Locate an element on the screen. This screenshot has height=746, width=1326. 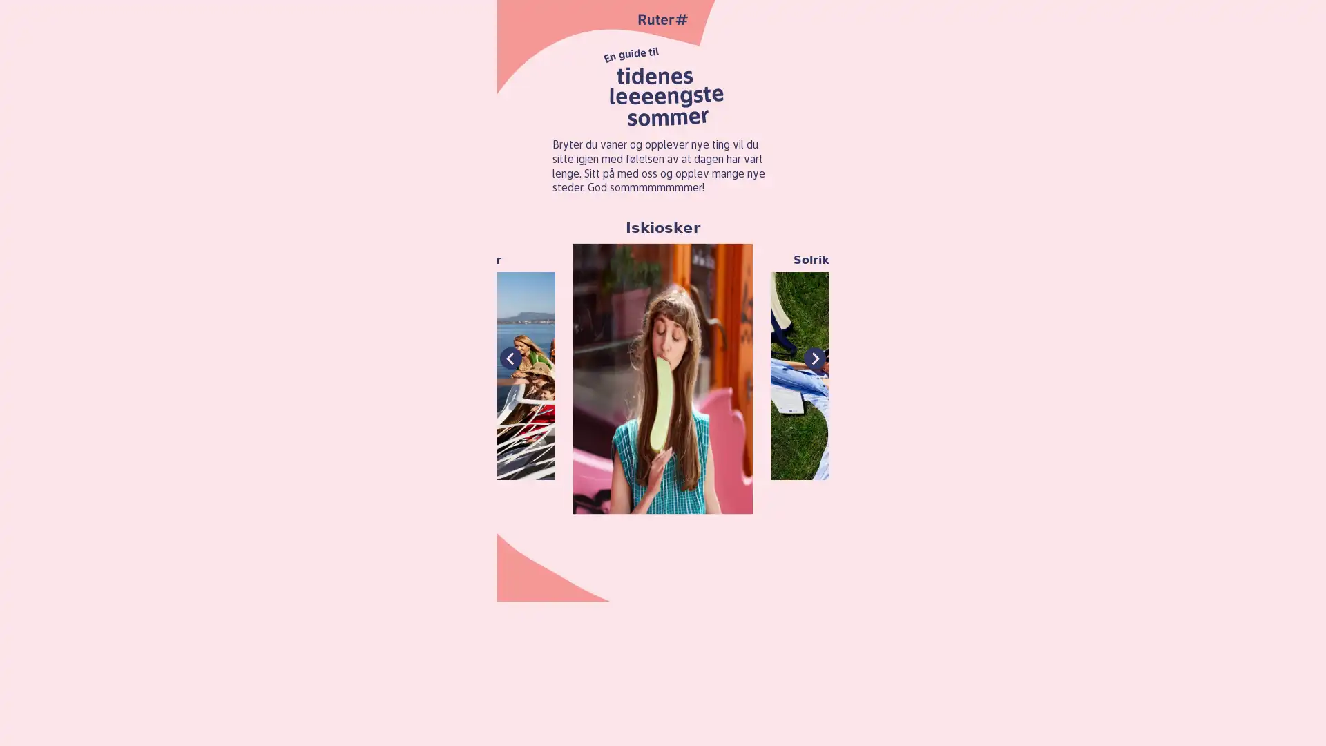
prev is located at coordinates (510, 358).